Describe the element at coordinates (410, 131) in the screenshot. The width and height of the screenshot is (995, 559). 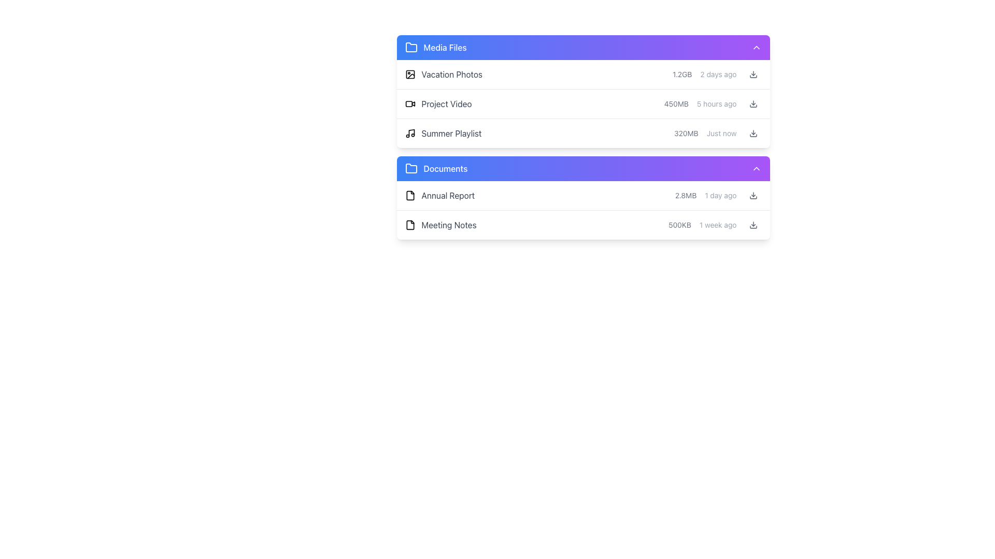
I see `the musical note icon associated with the 'Summer Playlist' entry located within the 'Media Files' group` at that location.